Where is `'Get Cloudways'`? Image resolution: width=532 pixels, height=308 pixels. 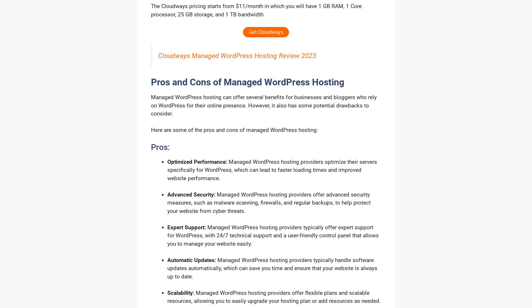 'Get Cloudways' is located at coordinates (266, 32).